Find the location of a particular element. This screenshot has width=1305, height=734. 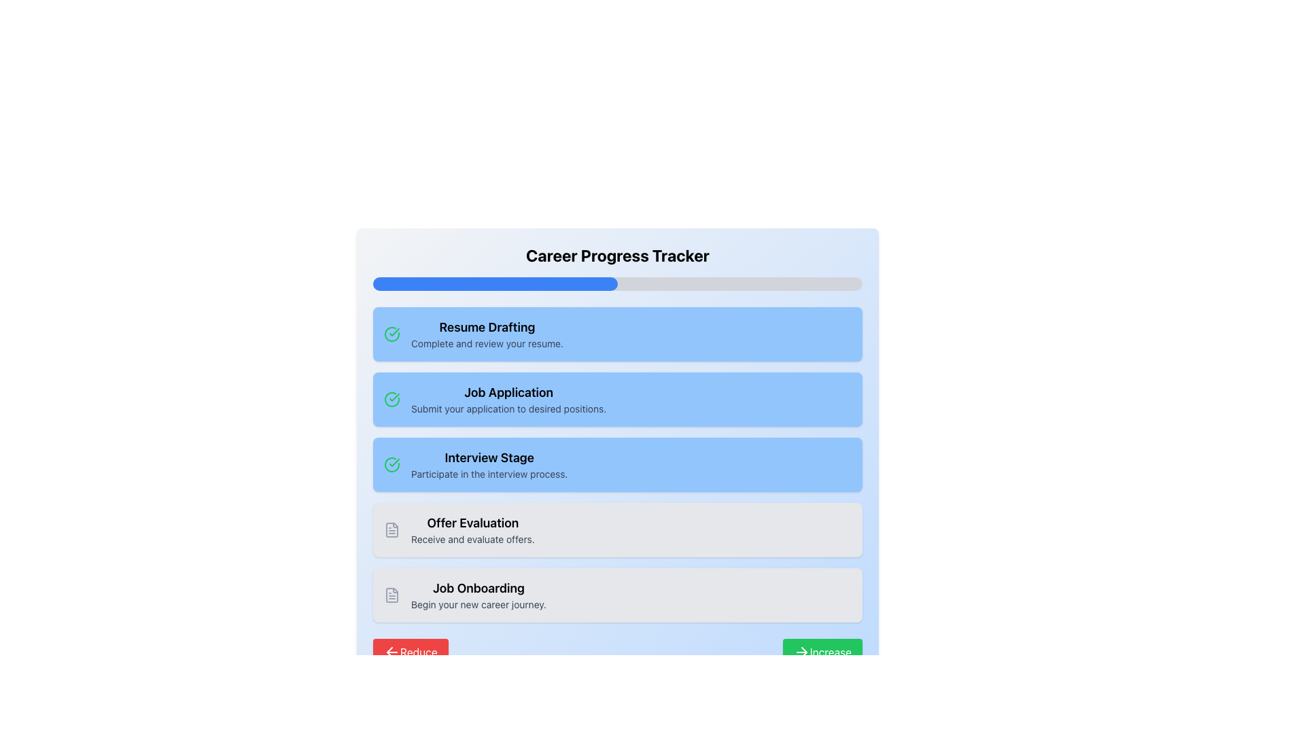

the 'Resume Drafting' progress stage indicator in the Career Progress Tracker section, which is the first entry in a vertical list is located at coordinates (616, 334).